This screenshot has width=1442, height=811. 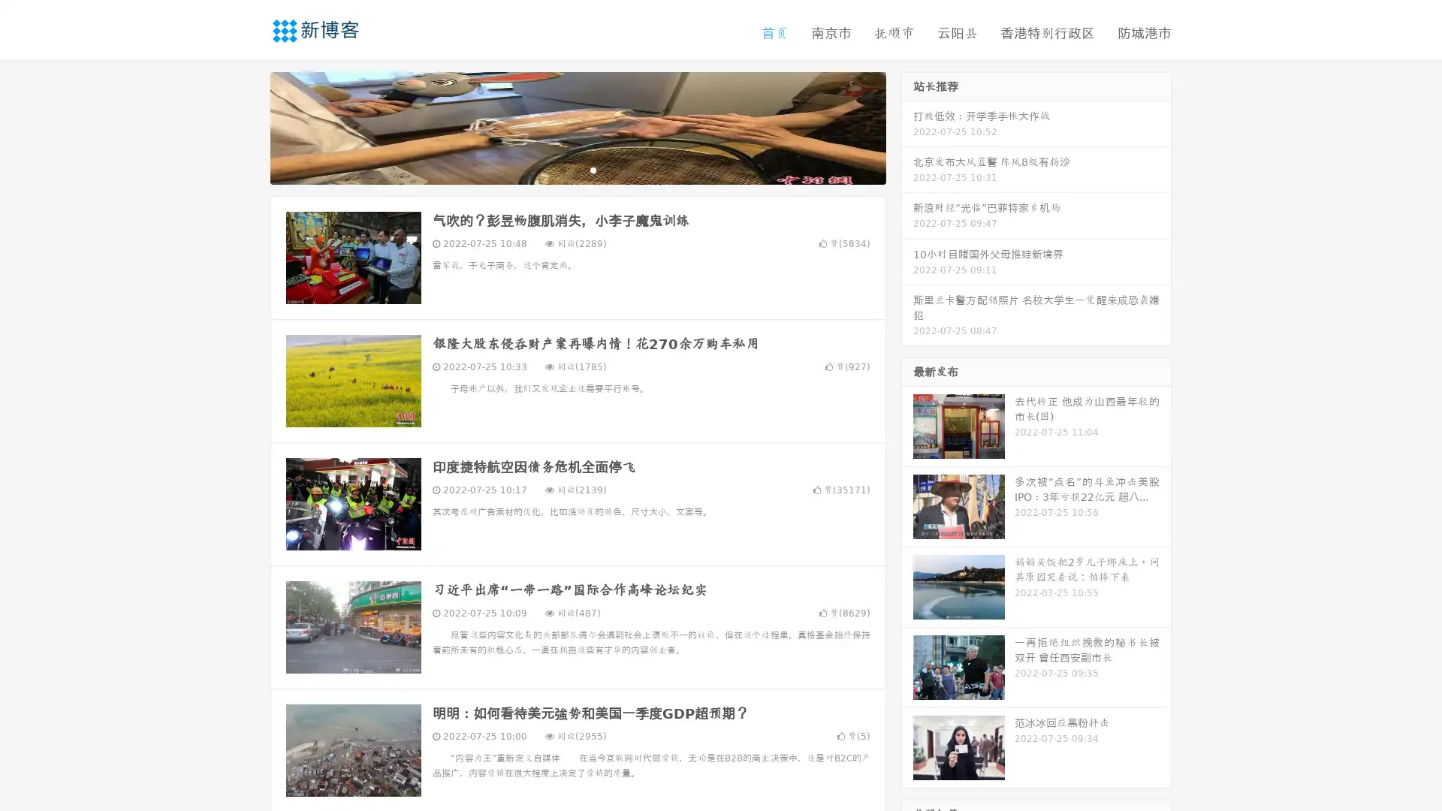 What do you see at coordinates (577, 169) in the screenshot?
I see `Go to slide 2` at bounding box center [577, 169].